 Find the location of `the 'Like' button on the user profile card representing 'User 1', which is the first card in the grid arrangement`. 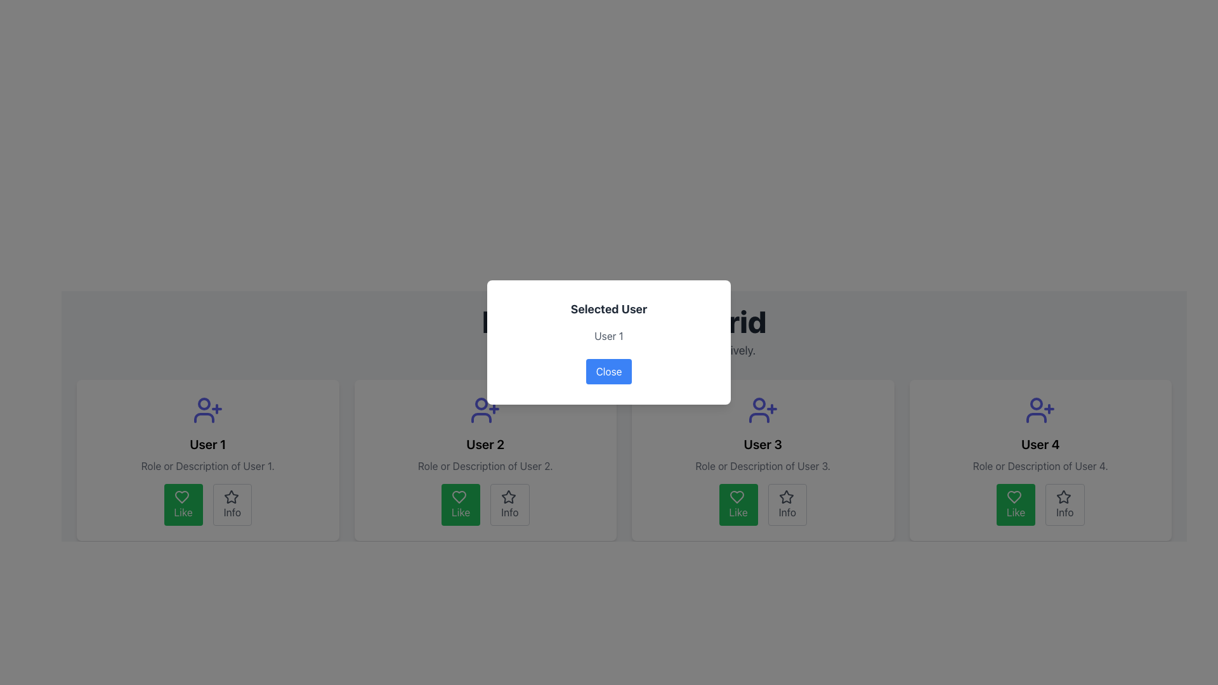

the 'Like' button on the user profile card representing 'User 1', which is the first card in the grid arrangement is located at coordinates (207, 460).